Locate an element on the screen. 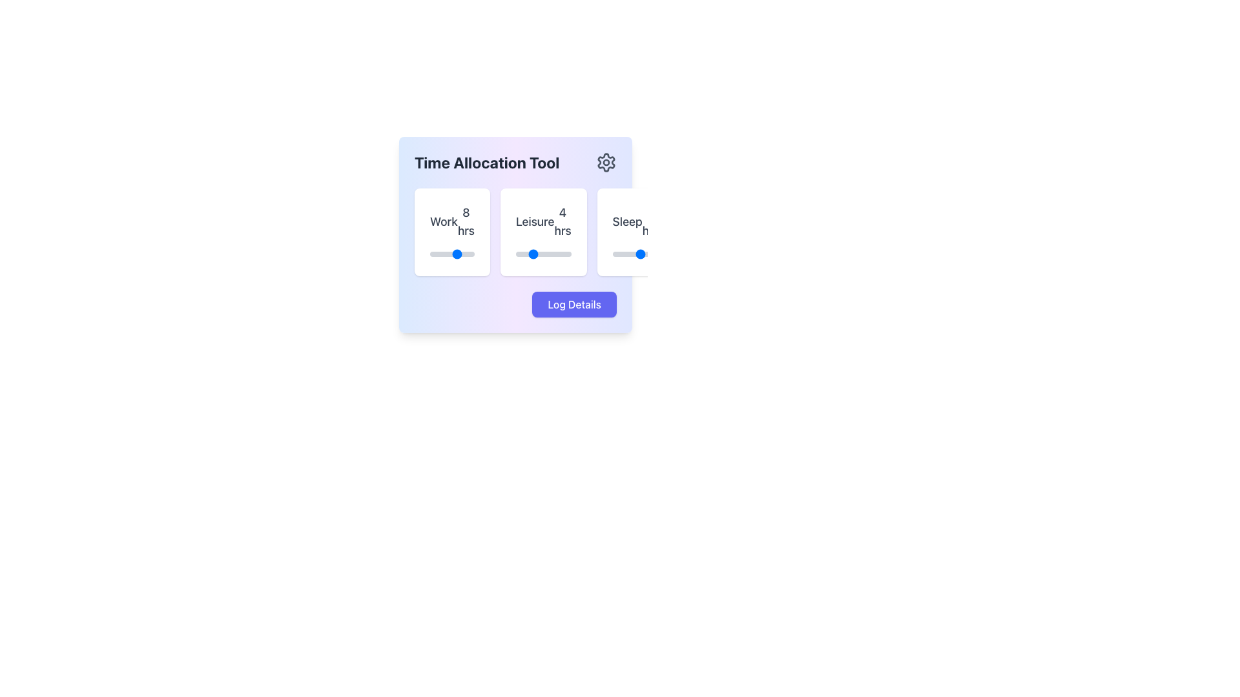  the sleep duration is located at coordinates (612, 254).